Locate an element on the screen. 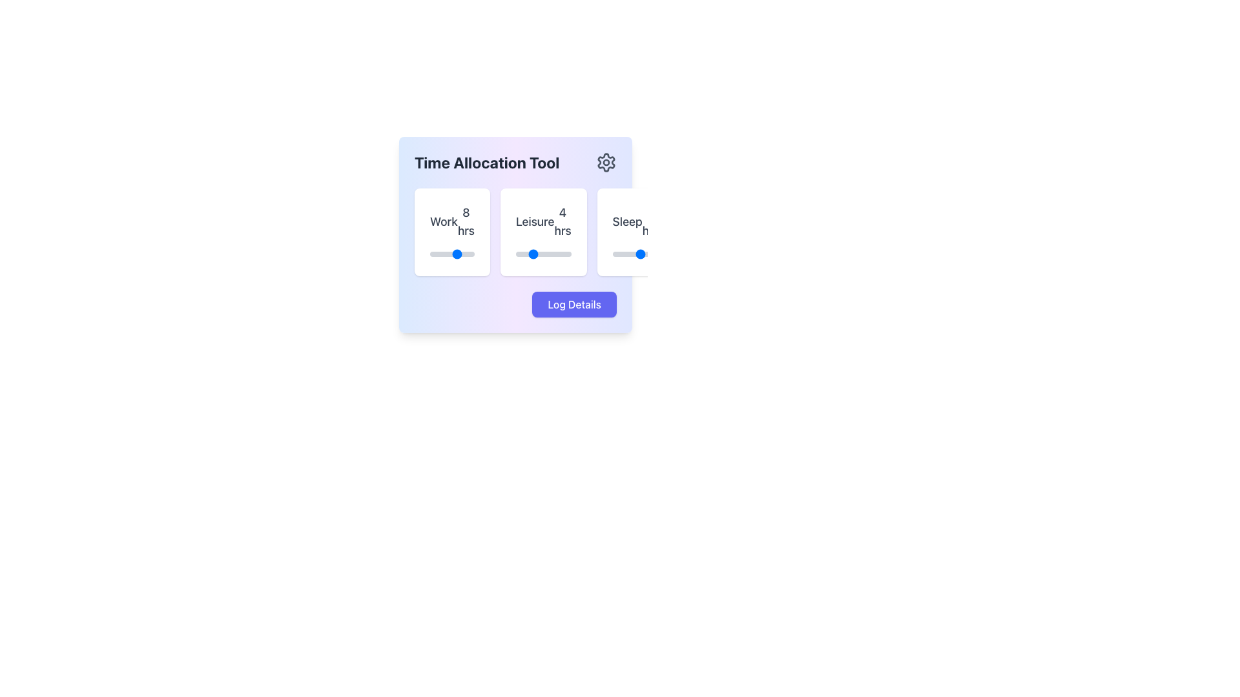  the sleep duration is located at coordinates (612, 254).